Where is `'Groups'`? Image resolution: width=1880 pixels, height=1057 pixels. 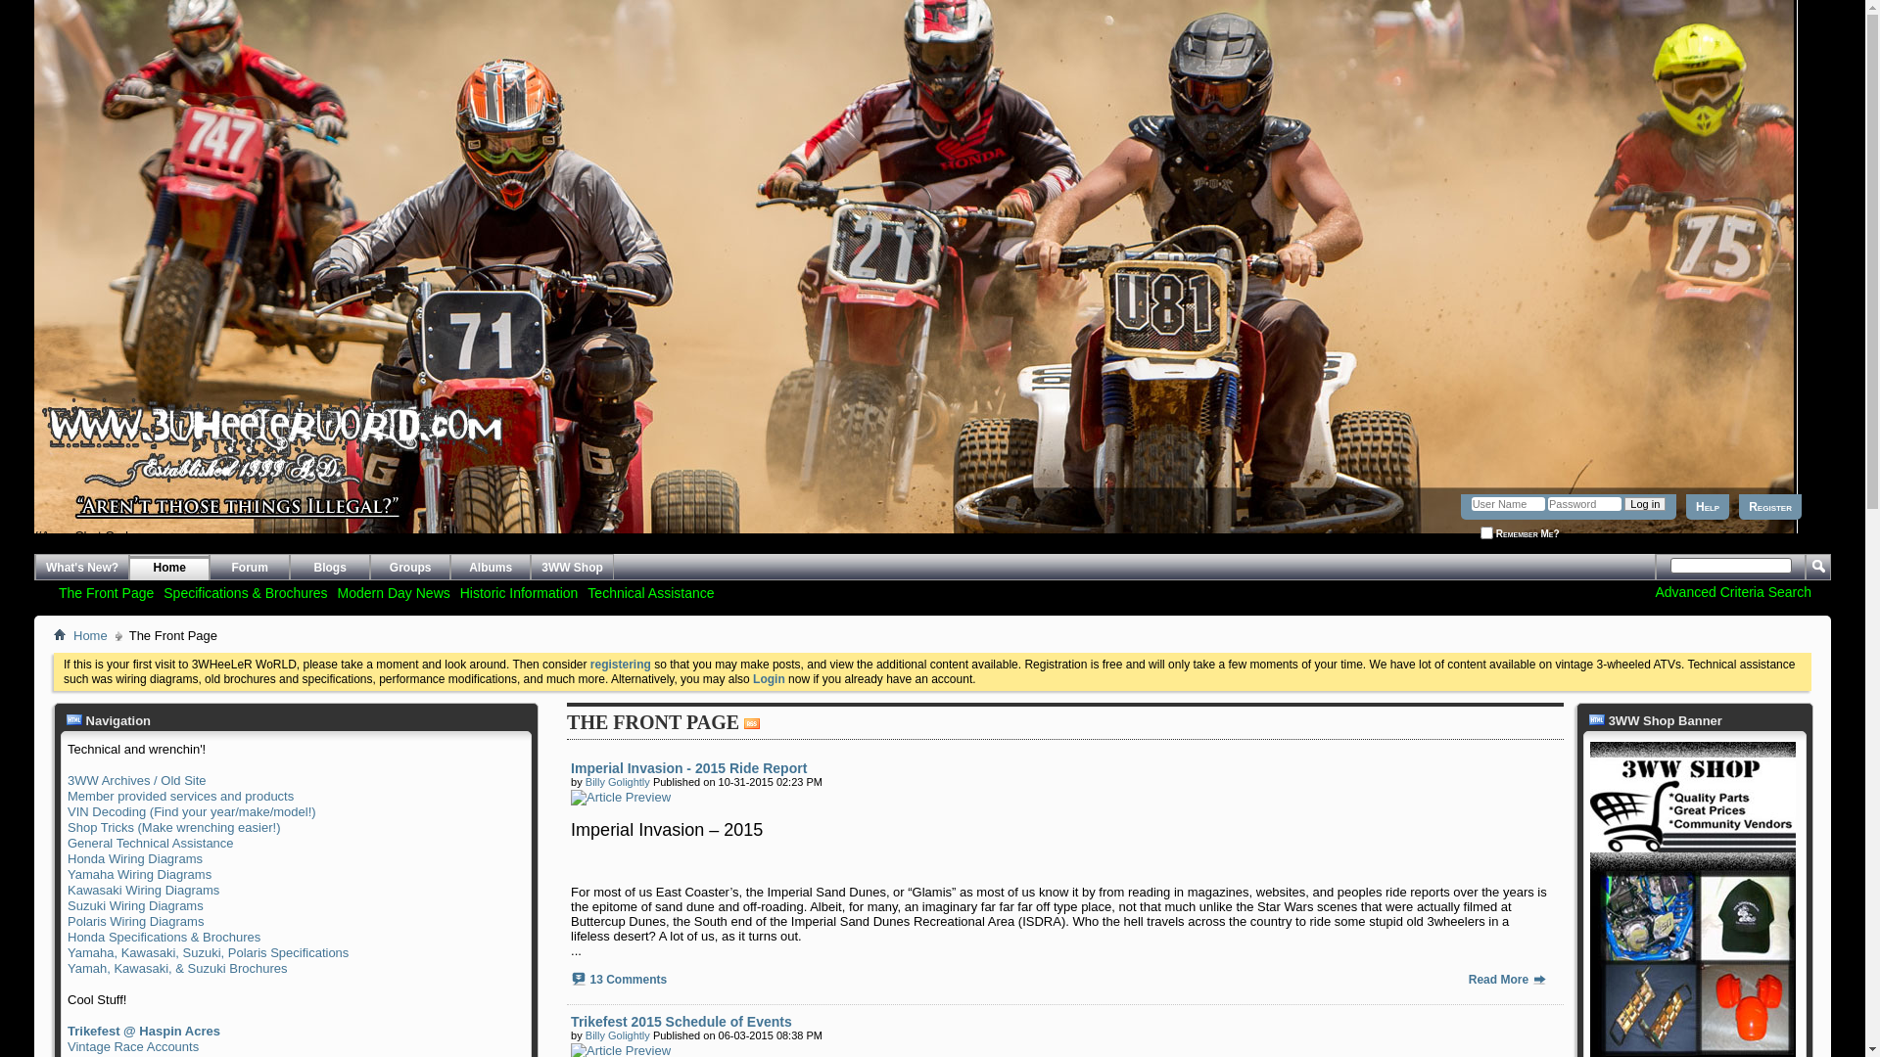 'Groups' is located at coordinates (408, 567).